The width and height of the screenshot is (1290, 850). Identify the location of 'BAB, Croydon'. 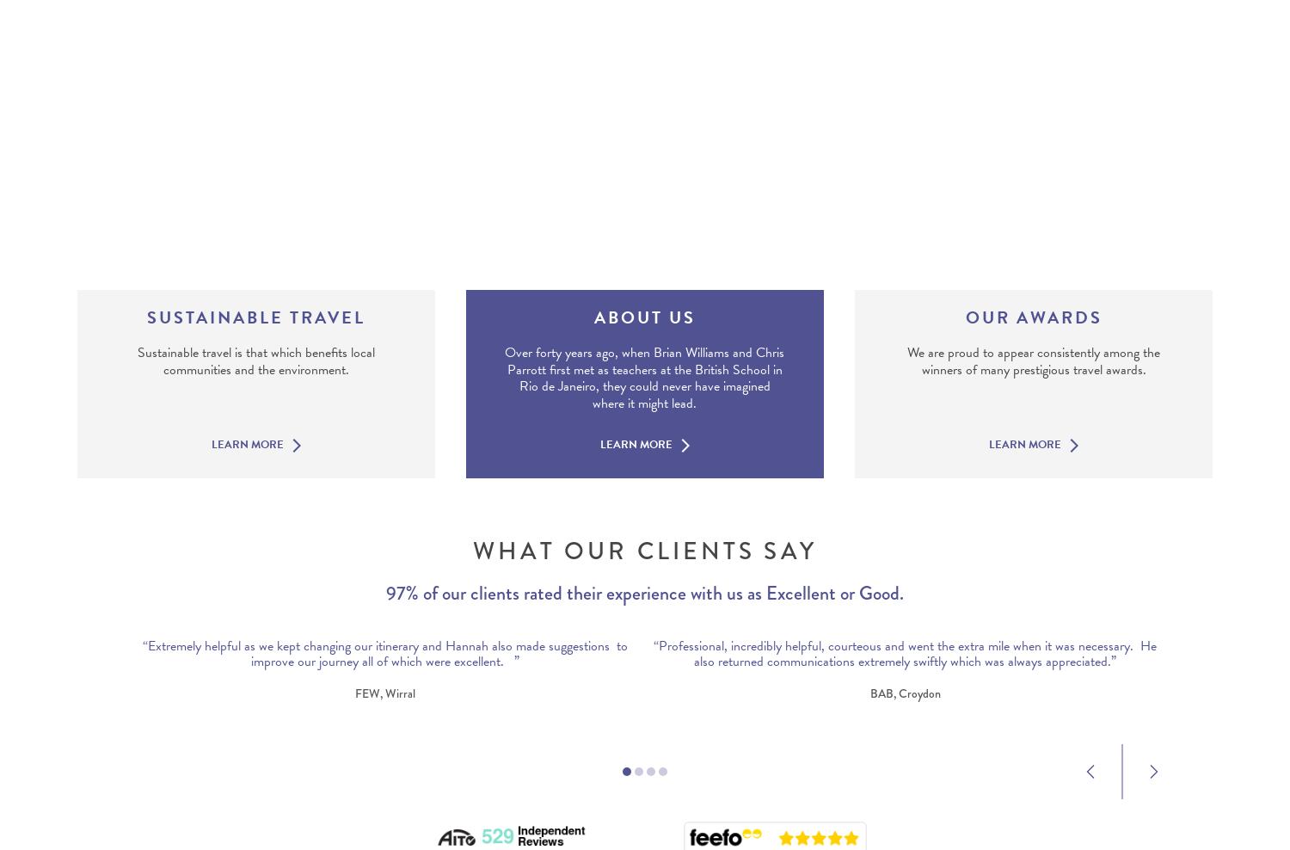
(904, 693).